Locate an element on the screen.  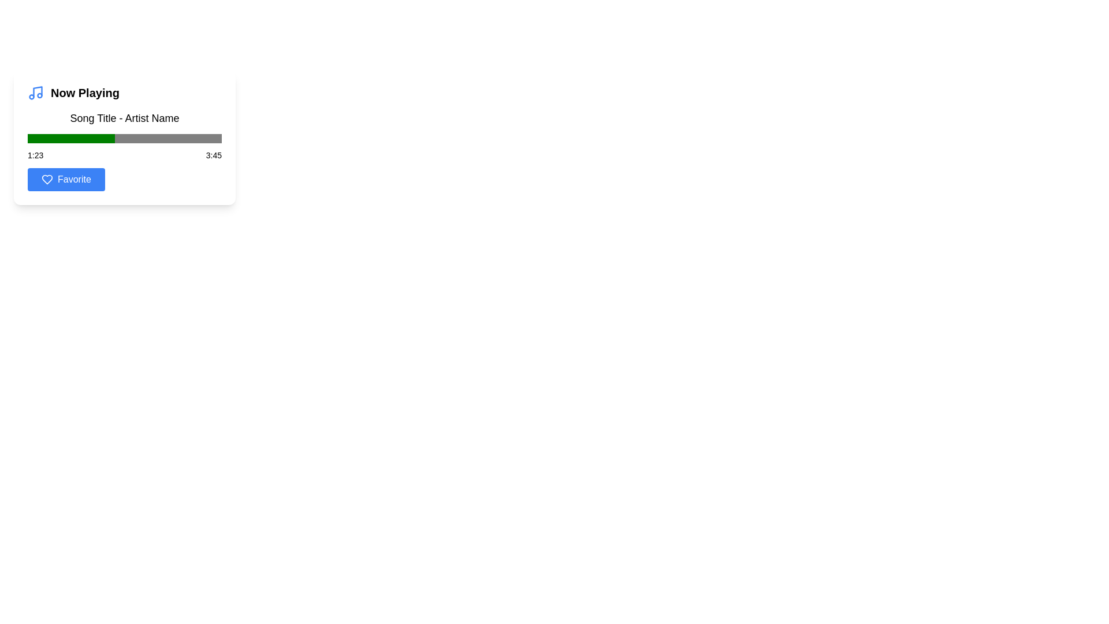
the Text Label that displays the title and artist of the currently playing song in the media player interface, located directly below the 'Now Playing' label is located at coordinates (125, 118).